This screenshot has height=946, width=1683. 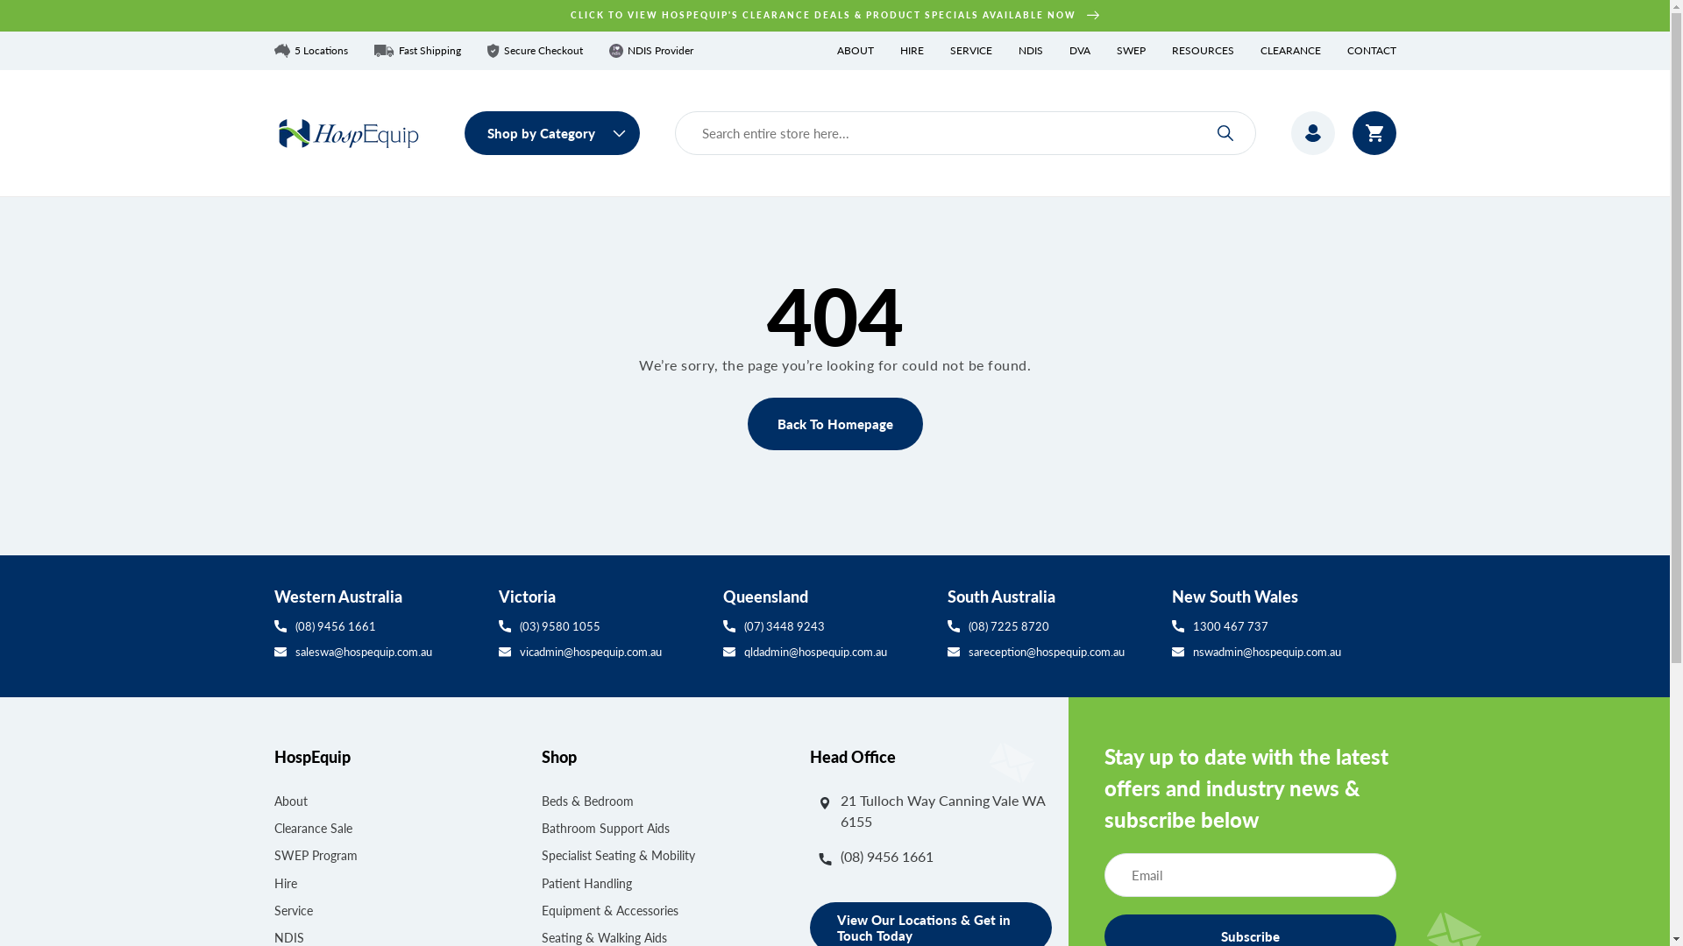 What do you see at coordinates (587, 801) in the screenshot?
I see `'Beds & Bedroom'` at bounding box center [587, 801].